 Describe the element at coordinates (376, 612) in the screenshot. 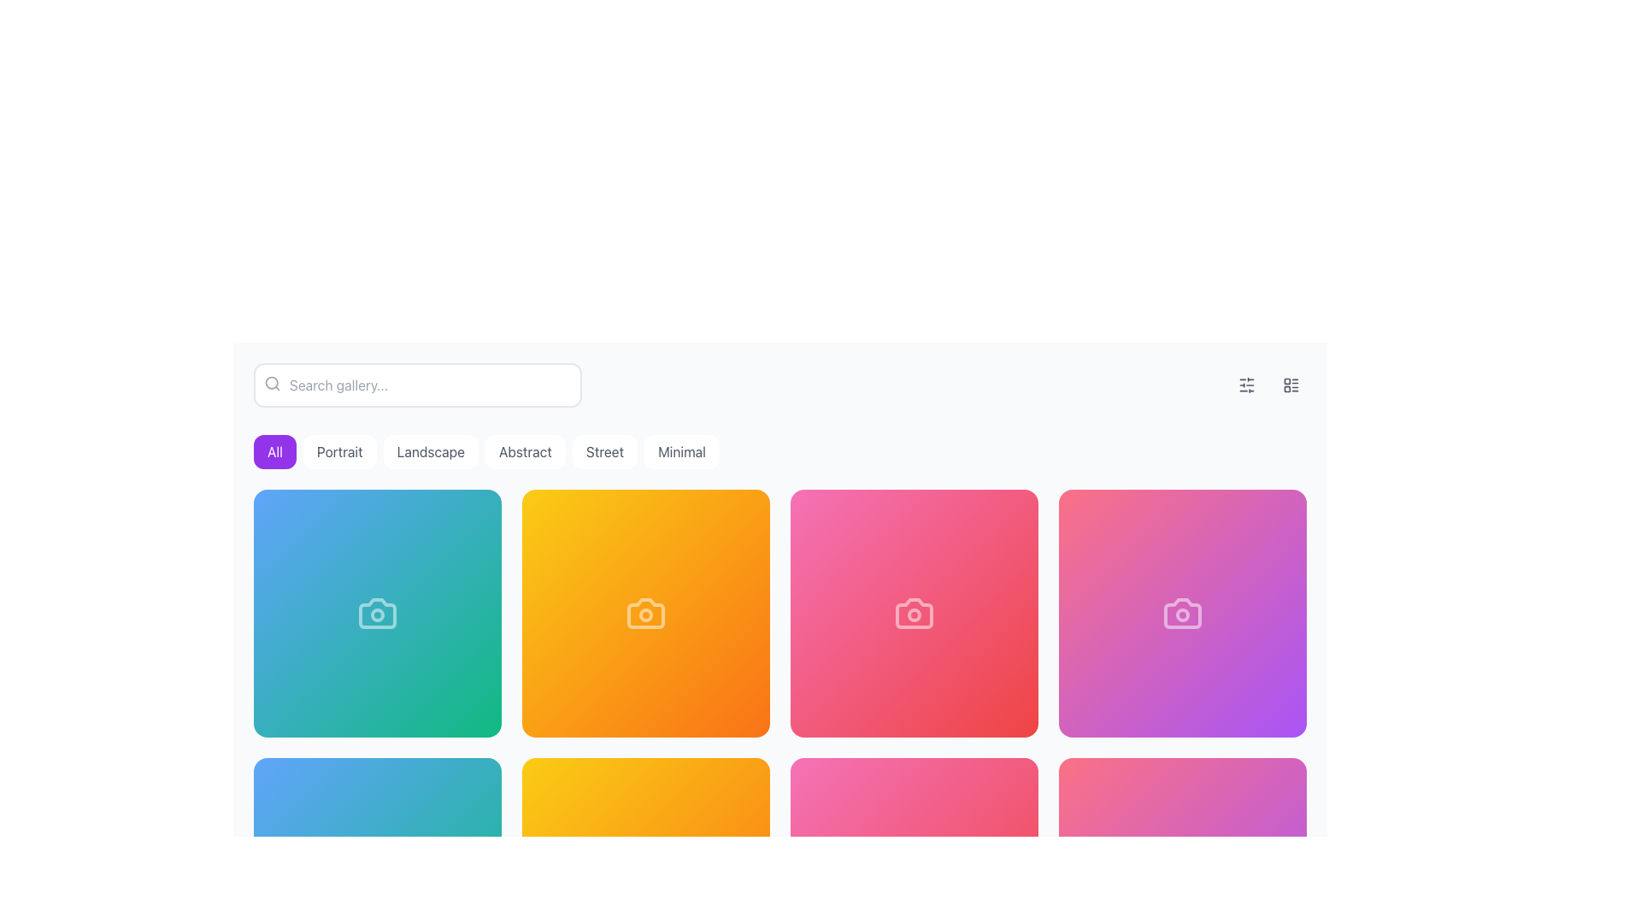

I see `the camera icon with a circular lens at its center, which is styled with a white outline on a gradient background of blue transitioning to green, to interact with it` at that location.